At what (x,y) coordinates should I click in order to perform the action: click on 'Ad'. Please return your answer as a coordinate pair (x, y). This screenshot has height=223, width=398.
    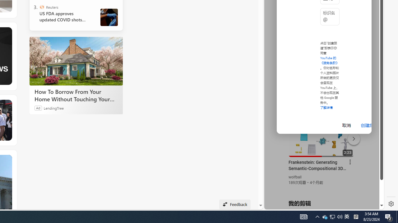
    Looking at the image, I should click on (38, 107).